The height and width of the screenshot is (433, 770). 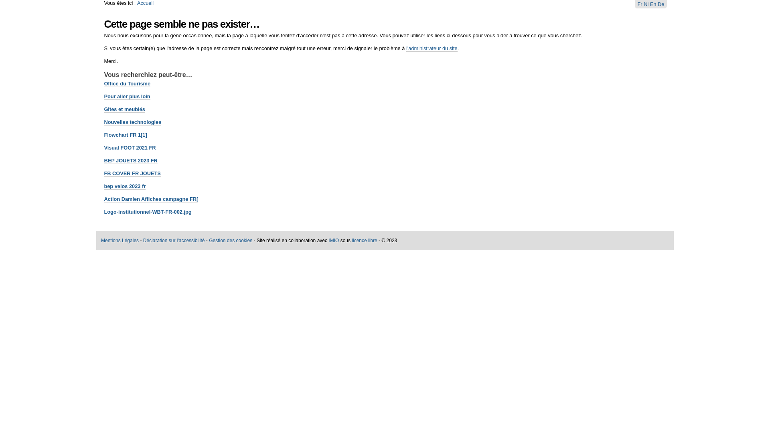 What do you see at coordinates (352, 240) in the screenshot?
I see `'licence libre'` at bounding box center [352, 240].